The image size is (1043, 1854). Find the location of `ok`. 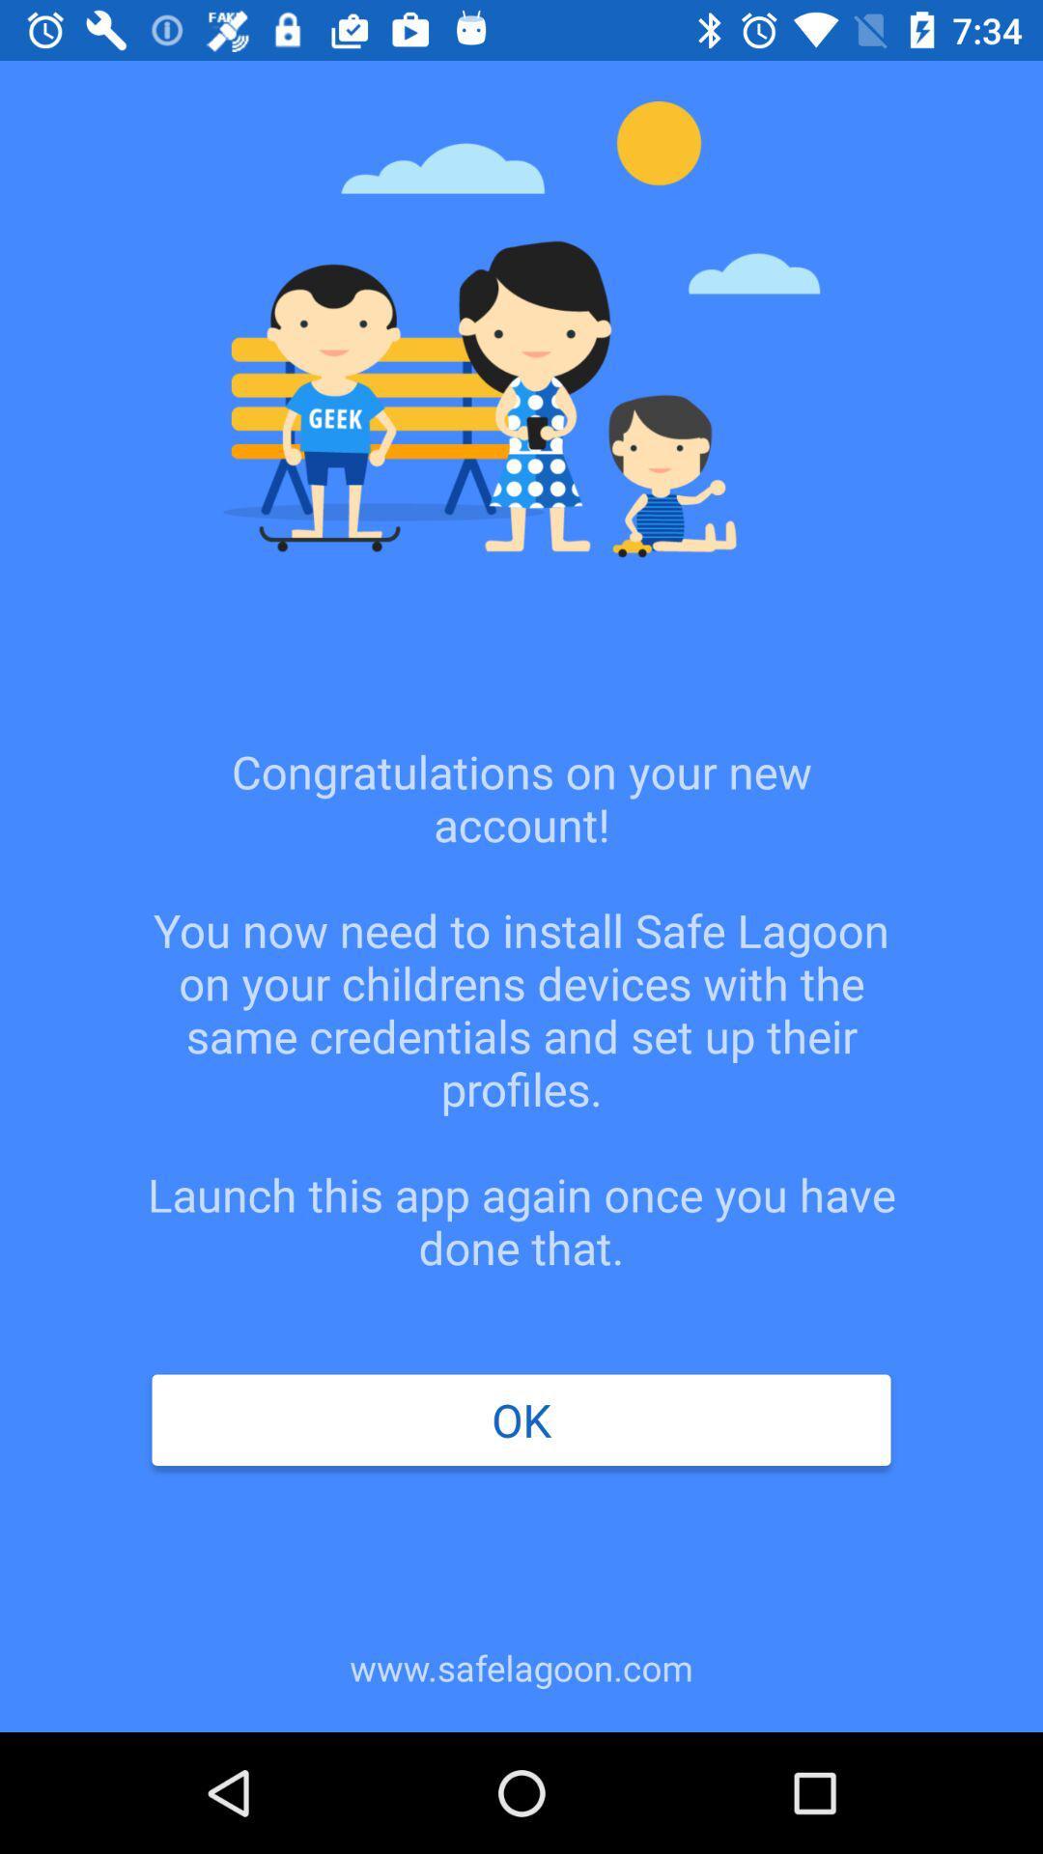

ok is located at coordinates (521, 1419).